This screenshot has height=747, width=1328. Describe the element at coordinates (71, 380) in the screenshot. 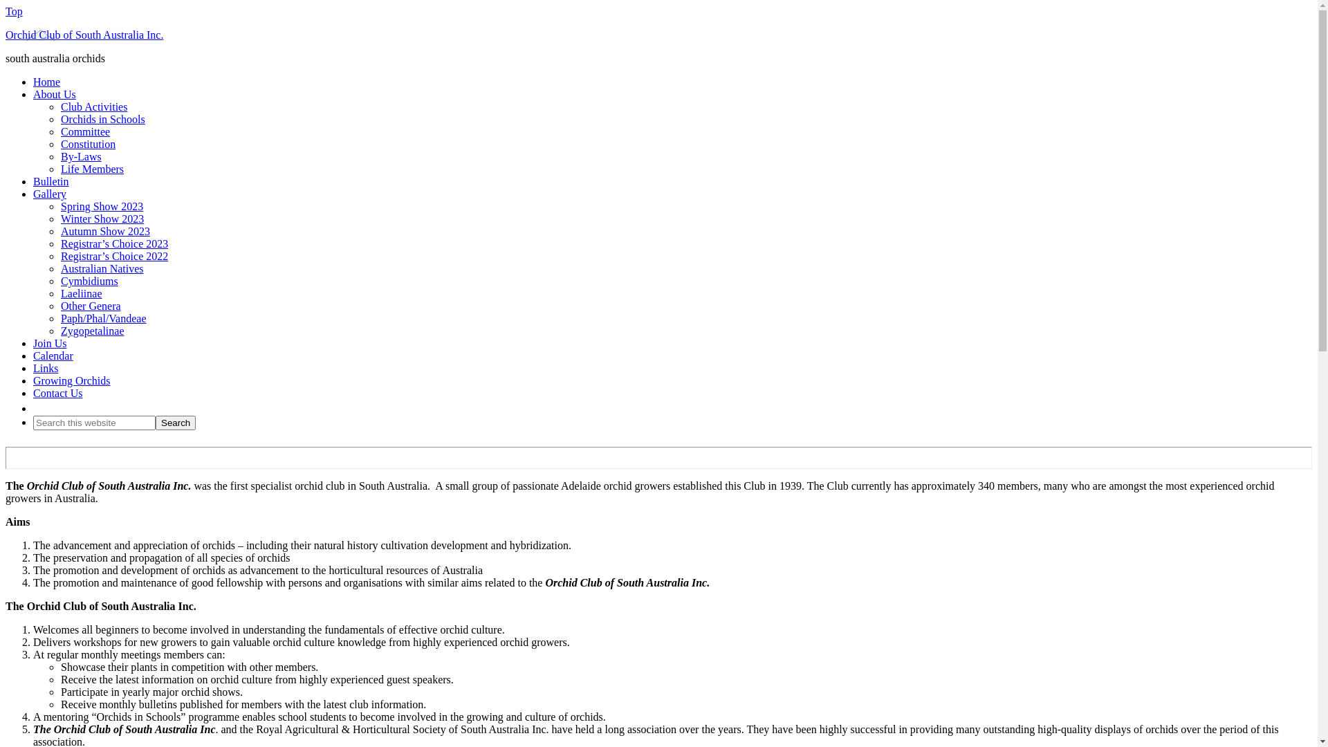

I see `'Growing Orchids'` at that location.